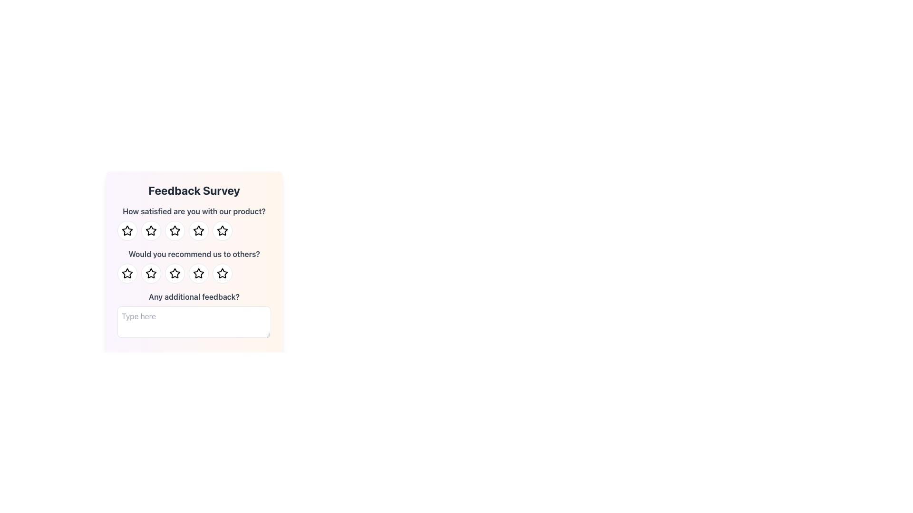 The height and width of the screenshot is (513, 913). What do you see at coordinates (194, 273) in the screenshot?
I see `the third star in the rating component located under the question 'Would you recommend us to others?' to rate it` at bounding box center [194, 273].